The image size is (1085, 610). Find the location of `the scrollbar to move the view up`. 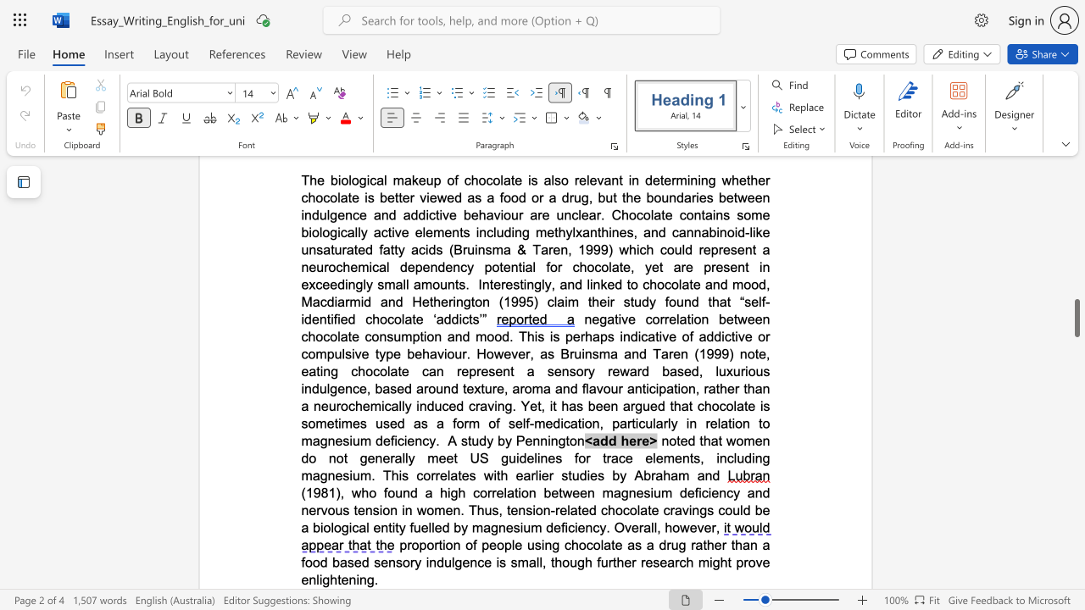

the scrollbar to move the view up is located at coordinates (1076, 346).